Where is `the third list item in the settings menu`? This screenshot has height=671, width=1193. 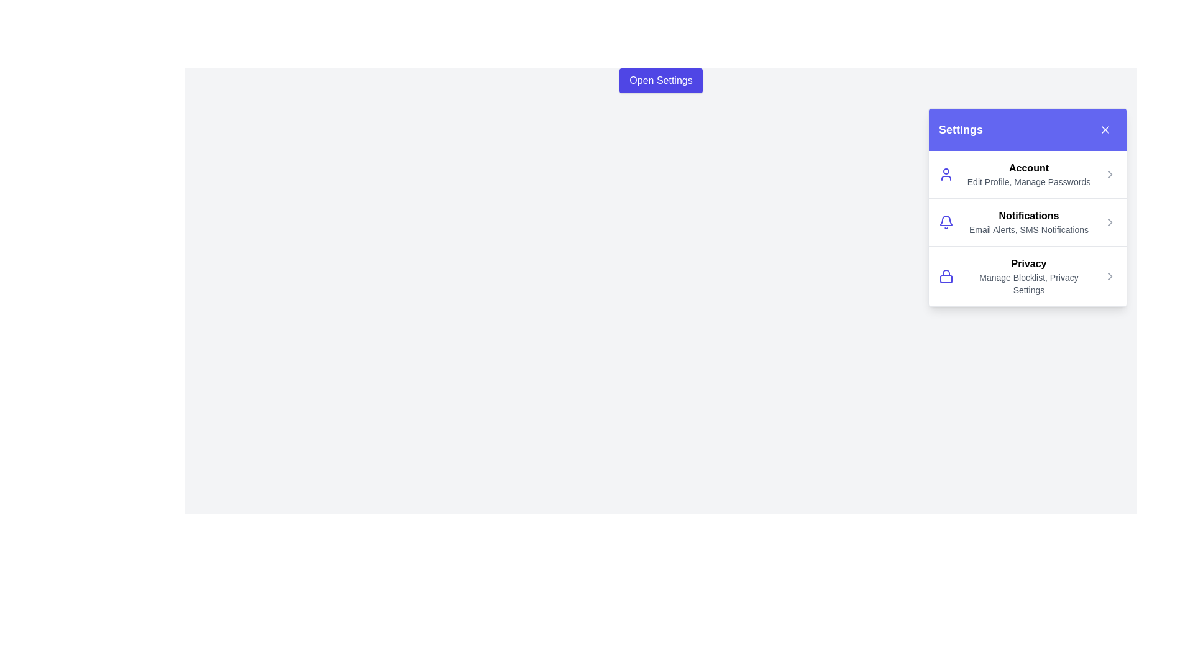 the third list item in the settings menu is located at coordinates (1028, 275).